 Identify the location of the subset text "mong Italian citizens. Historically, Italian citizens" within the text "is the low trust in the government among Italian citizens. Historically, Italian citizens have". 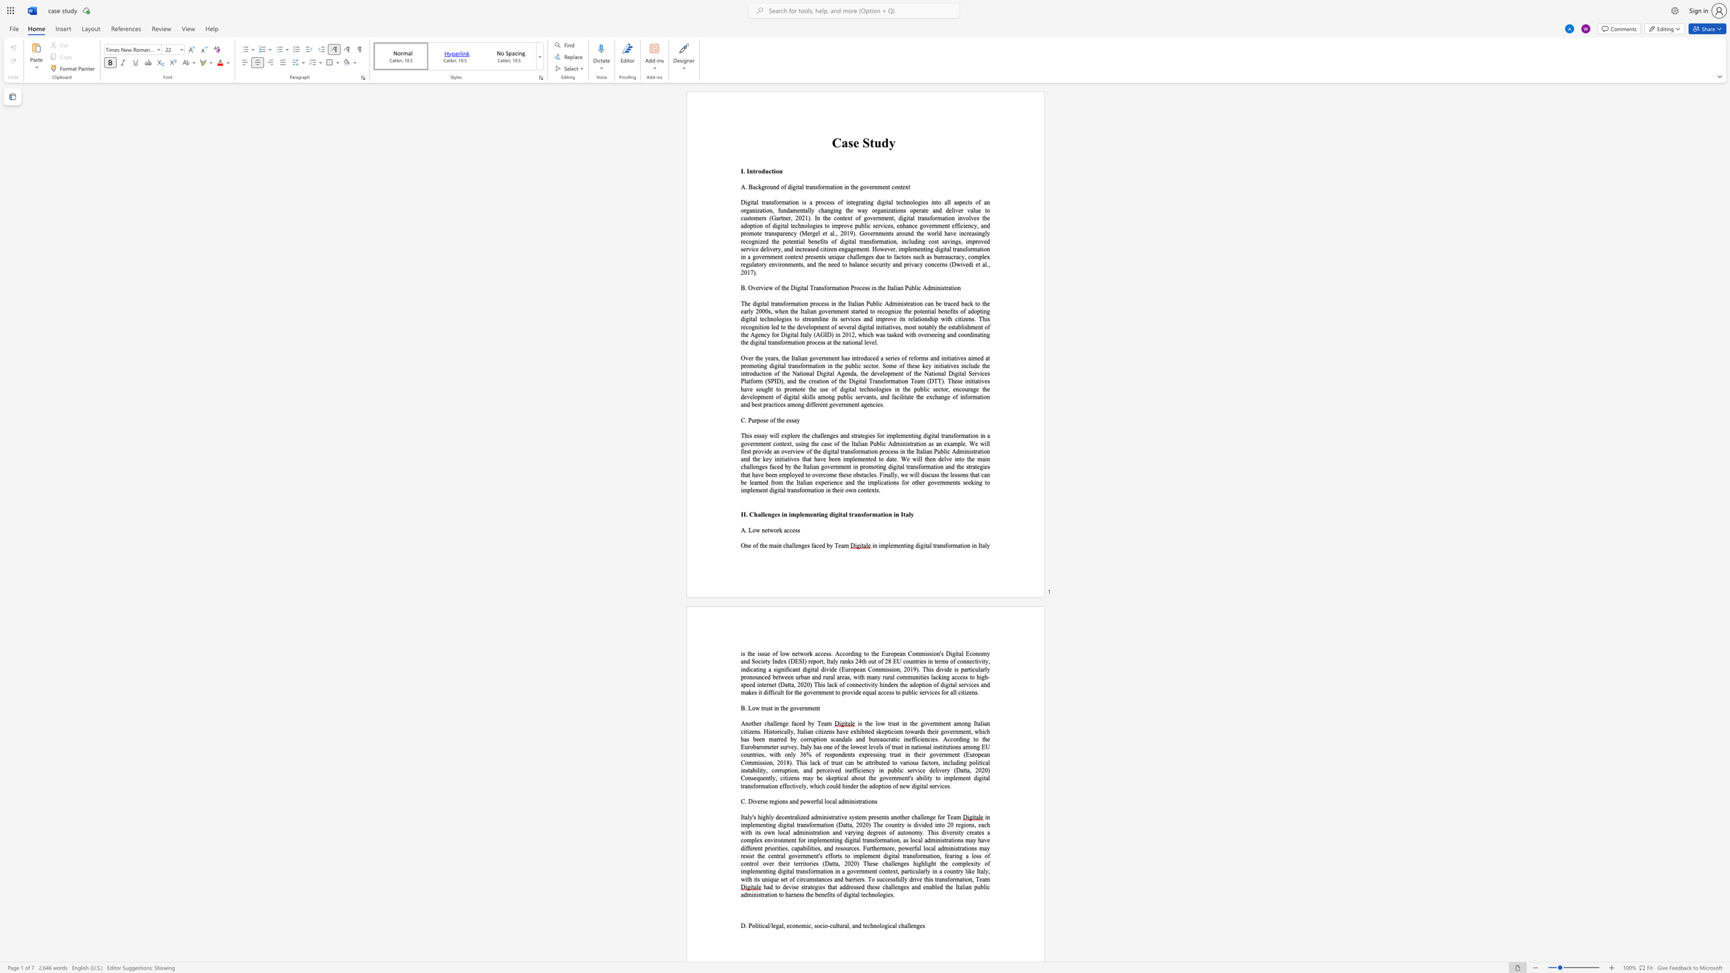
(956, 723).